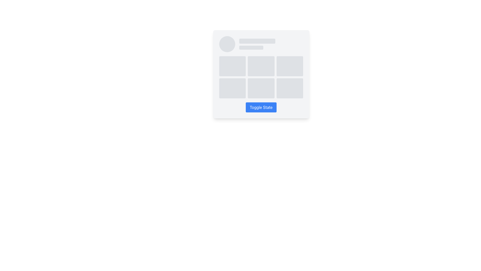 This screenshot has height=271, width=481. Describe the element at coordinates (290, 66) in the screenshot. I see `the third placeholder element in the first row of a grid containing six placeholders, which is positioned to the right of two similar rectangular placeholders` at that location.